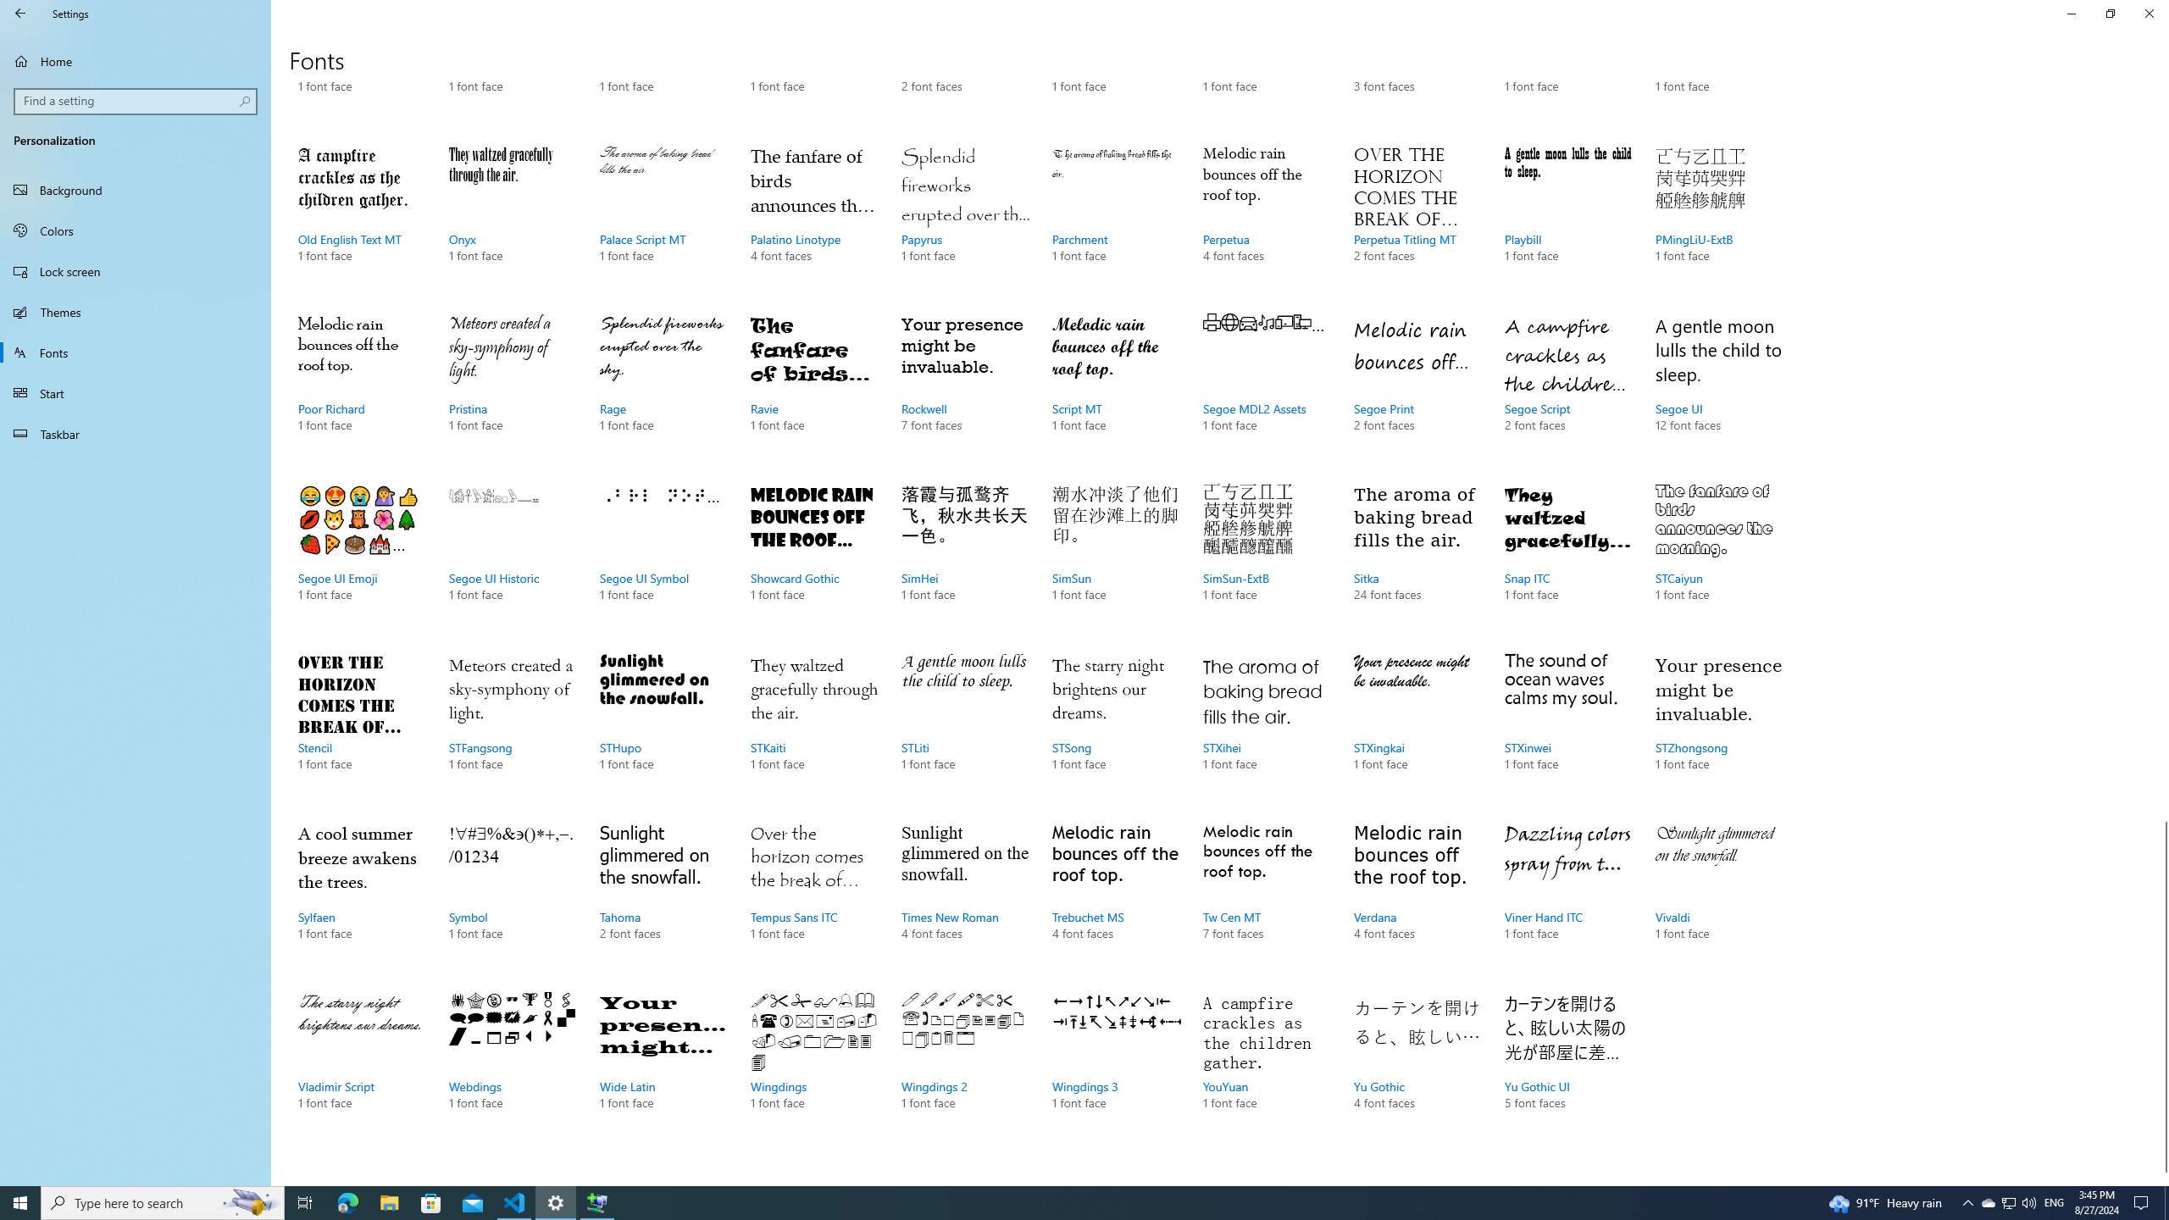 This screenshot has width=2169, height=1220. I want to click on 'Webdings, 1 font face', so click(511, 1067).